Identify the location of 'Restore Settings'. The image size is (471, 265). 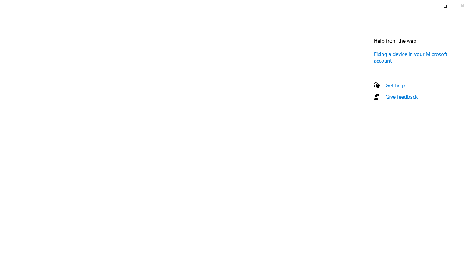
(445, 6).